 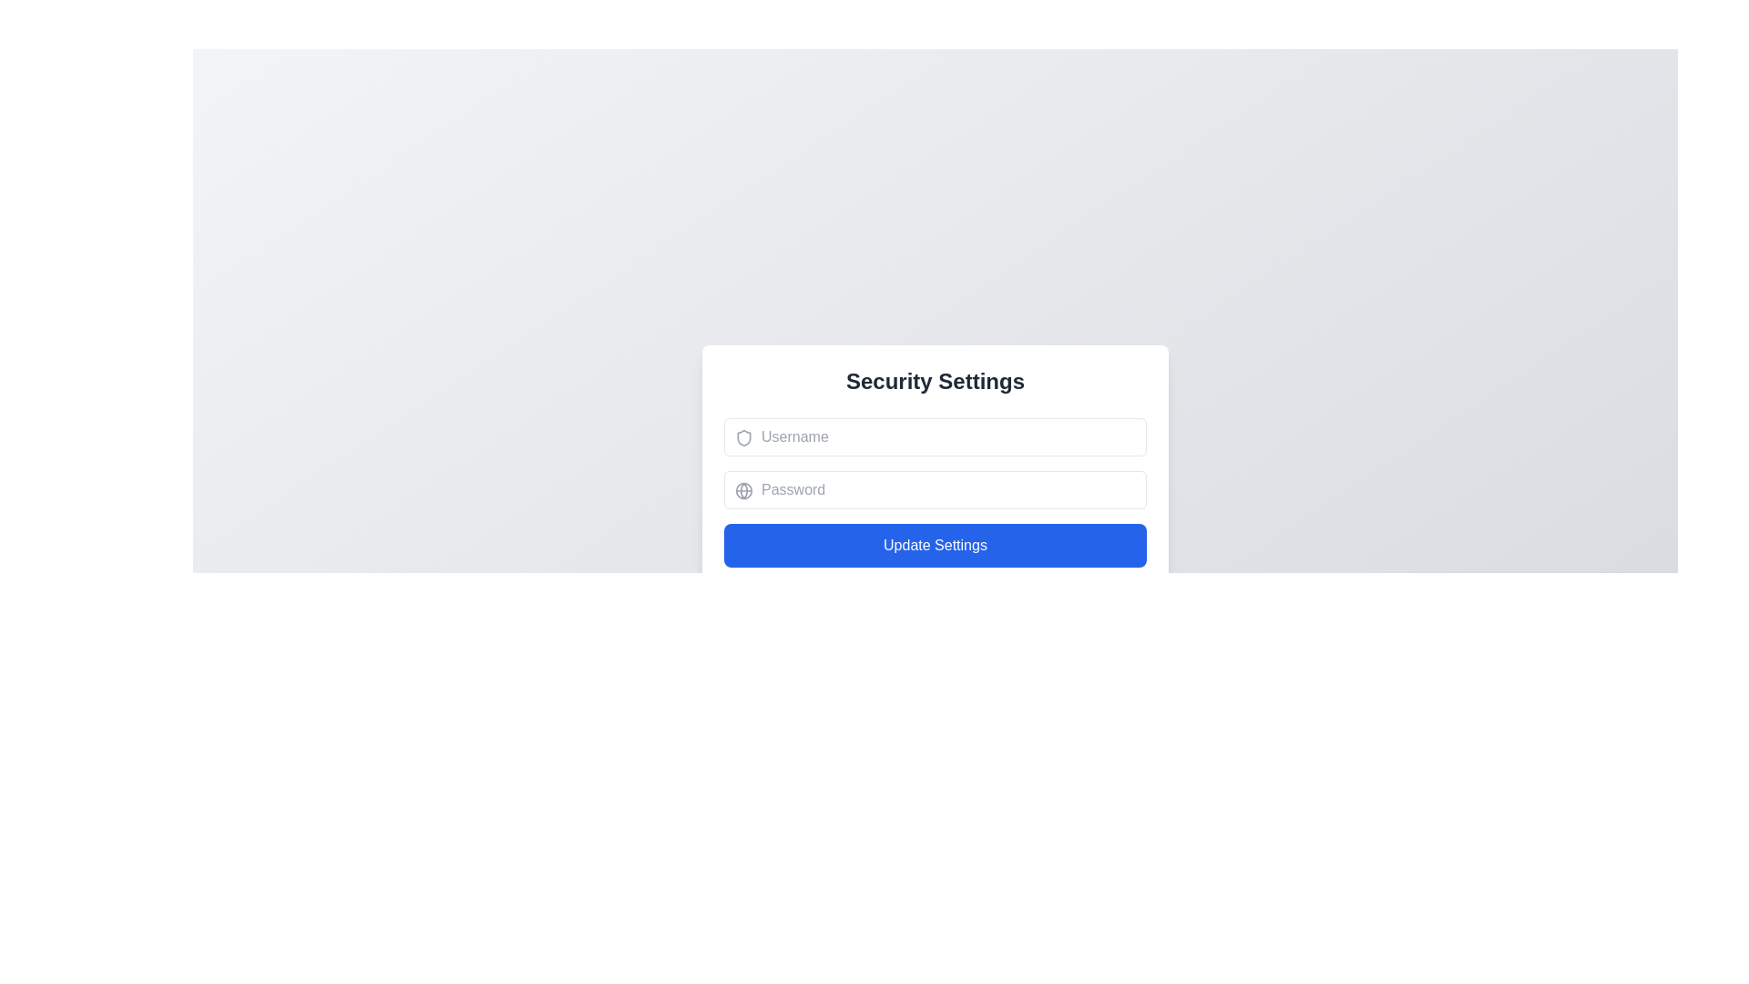 What do you see at coordinates (936, 436) in the screenshot?
I see `the 'Username' input field in the 'Security Settings' modal to focus on it` at bounding box center [936, 436].